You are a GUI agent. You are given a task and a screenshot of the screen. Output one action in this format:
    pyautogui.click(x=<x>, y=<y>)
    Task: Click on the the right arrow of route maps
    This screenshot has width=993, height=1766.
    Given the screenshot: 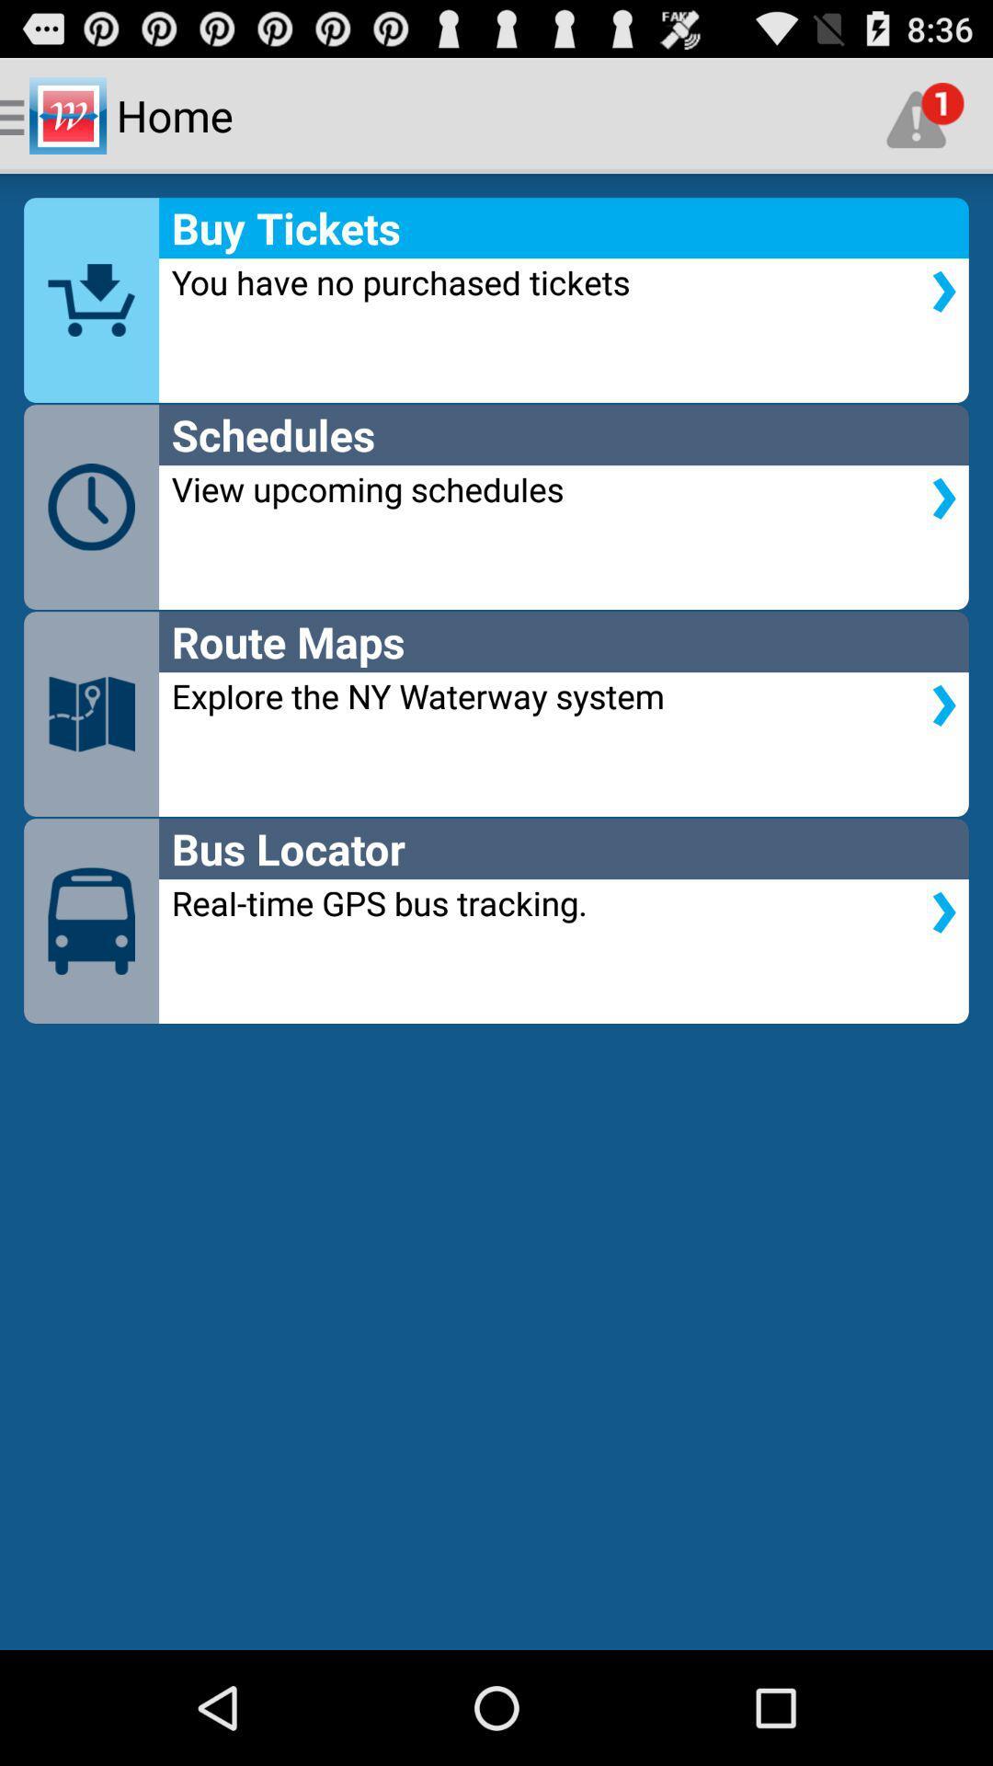 What is the action you would take?
    pyautogui.click(x=943, y=705)
    